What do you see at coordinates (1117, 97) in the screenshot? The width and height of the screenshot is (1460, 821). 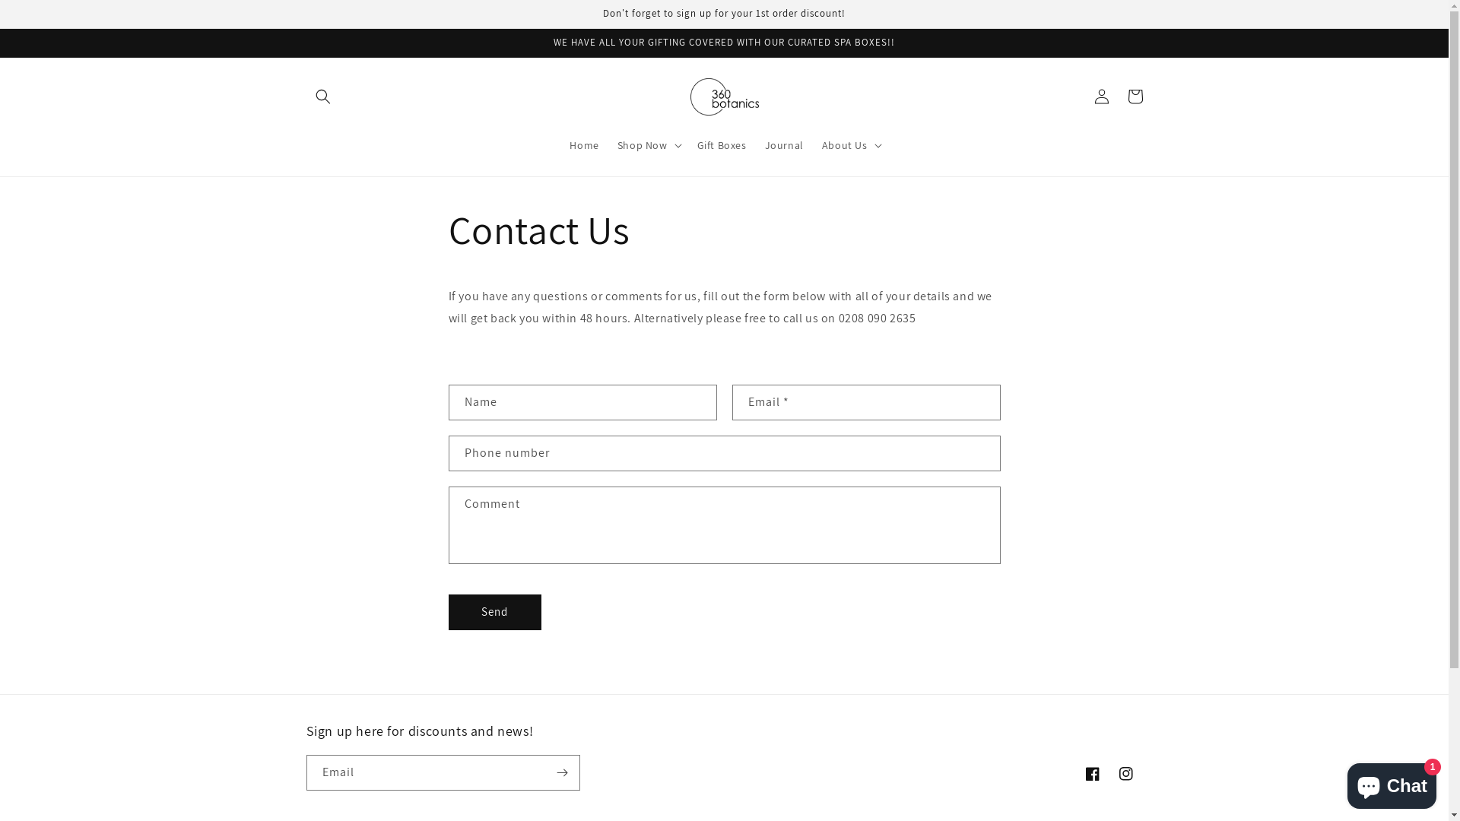 I see `'Cart'` at bounding box center [1117, 97].